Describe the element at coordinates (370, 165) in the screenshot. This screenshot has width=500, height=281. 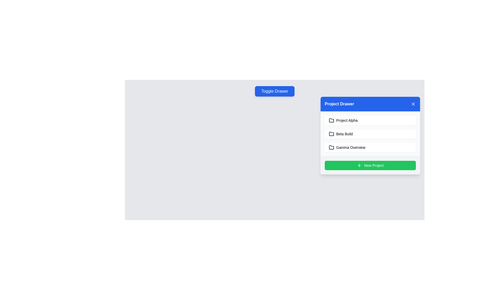
I see `the 'Create New Project' button located at the bottom of the 'Project Drawer' panel` at that location.